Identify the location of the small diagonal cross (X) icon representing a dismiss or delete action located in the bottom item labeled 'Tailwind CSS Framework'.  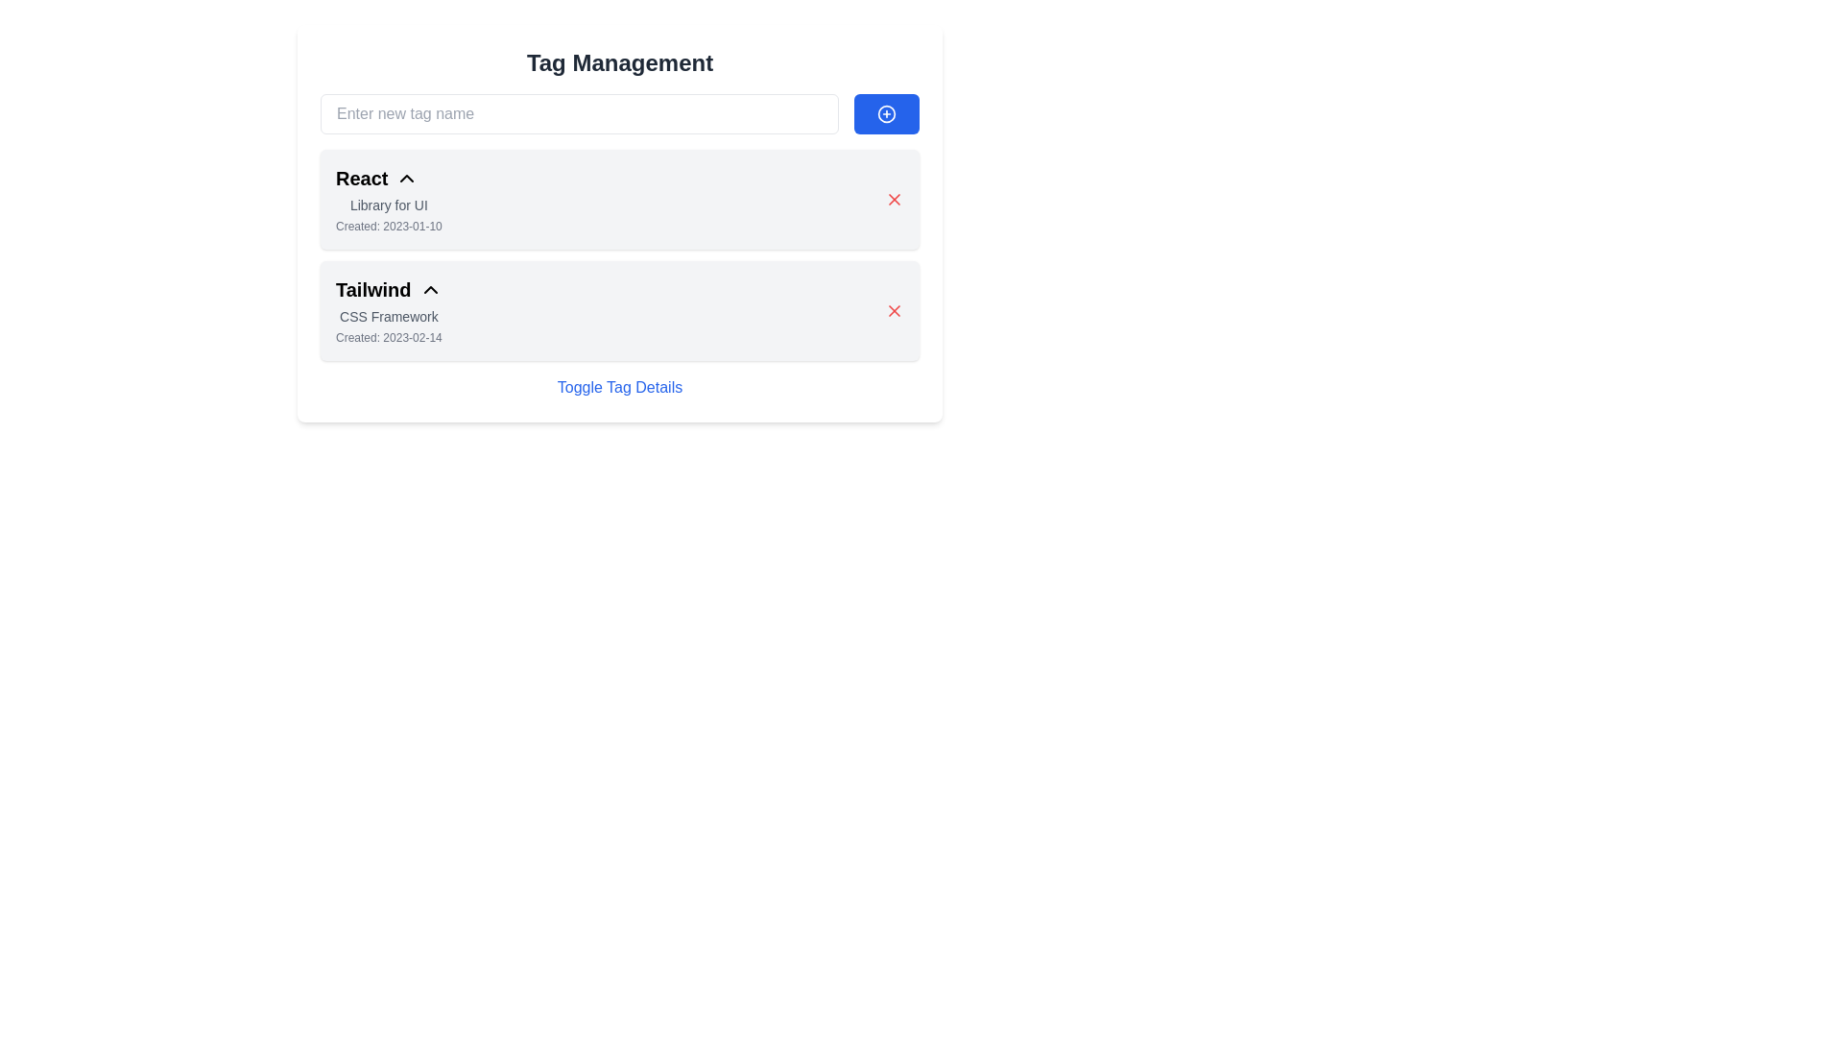
(893, 310).